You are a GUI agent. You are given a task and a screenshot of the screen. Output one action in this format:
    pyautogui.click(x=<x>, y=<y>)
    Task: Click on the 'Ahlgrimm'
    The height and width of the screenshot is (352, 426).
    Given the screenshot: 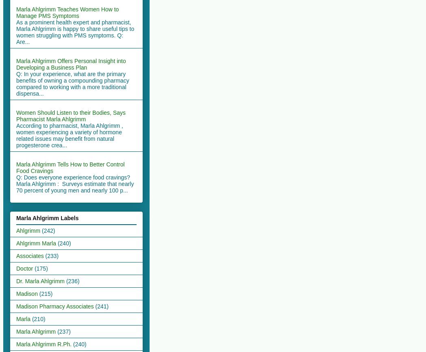 What is the action you would take?
    pyautogui.click(x=16, y=230)
    